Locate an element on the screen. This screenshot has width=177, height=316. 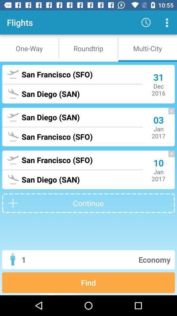
find is located at coordinates (88, 282).